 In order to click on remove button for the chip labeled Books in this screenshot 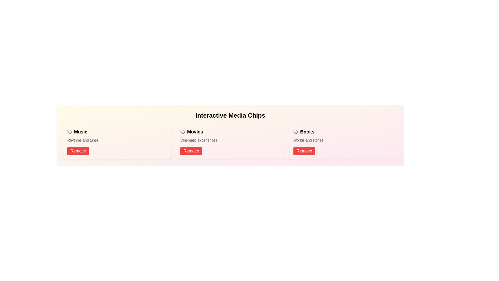, I will do `click(304, 151)`.